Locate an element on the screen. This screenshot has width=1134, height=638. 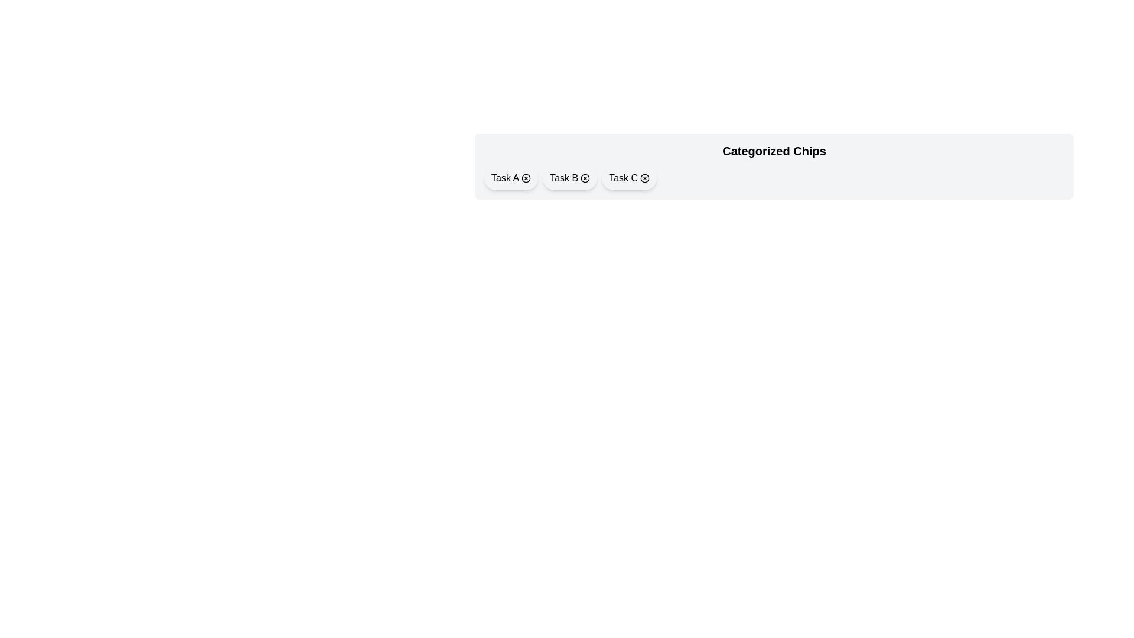
the chip labeled Task C to toggle its selection state is located at coordinates (628, 178).